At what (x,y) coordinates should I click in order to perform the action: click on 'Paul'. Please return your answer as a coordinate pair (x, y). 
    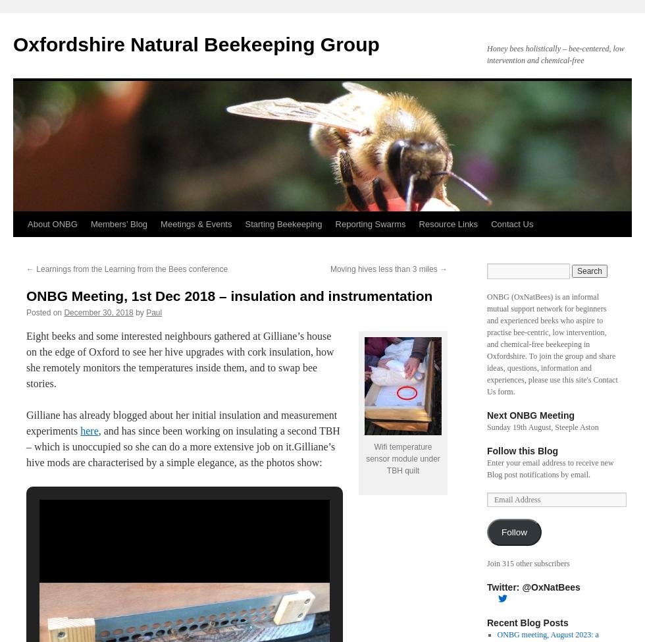
    Looking at the image, I should click on (154, 313).